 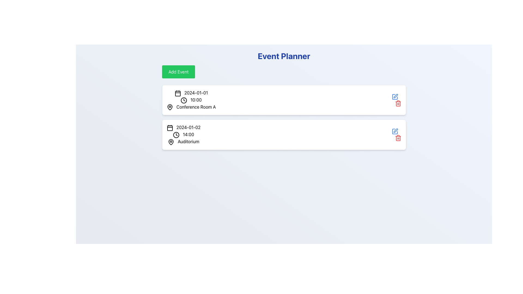 What do you see at coordinates (284, 56) in the screenshot?
I see `the large header text element that reads 'Event Planner', which is styled with a bold font and is located near the top center of the interface` at bounding box center [284, 56].